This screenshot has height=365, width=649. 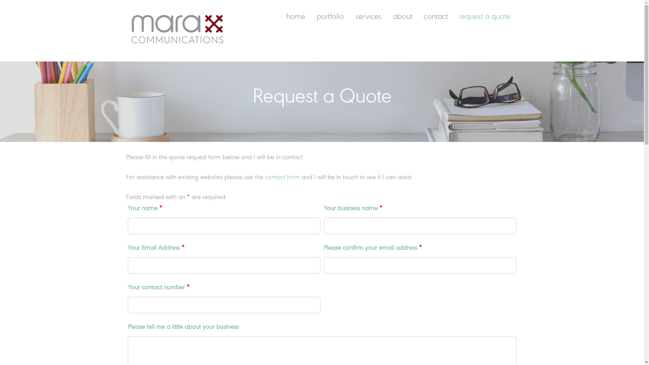 What do you see at coordinates (176, 46) in the screenshot?
I see `'Mara Communications'` at bounding box center [176, 46].